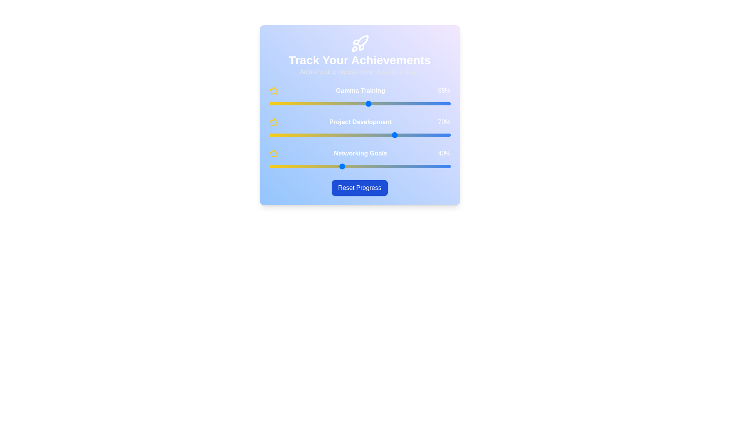 This screenshot has width=752, height=423. What do you see at coordinates (359, 43) in the screenshot?
I see `the decorative rocket icon in the header` at bounding box center [359, 43].